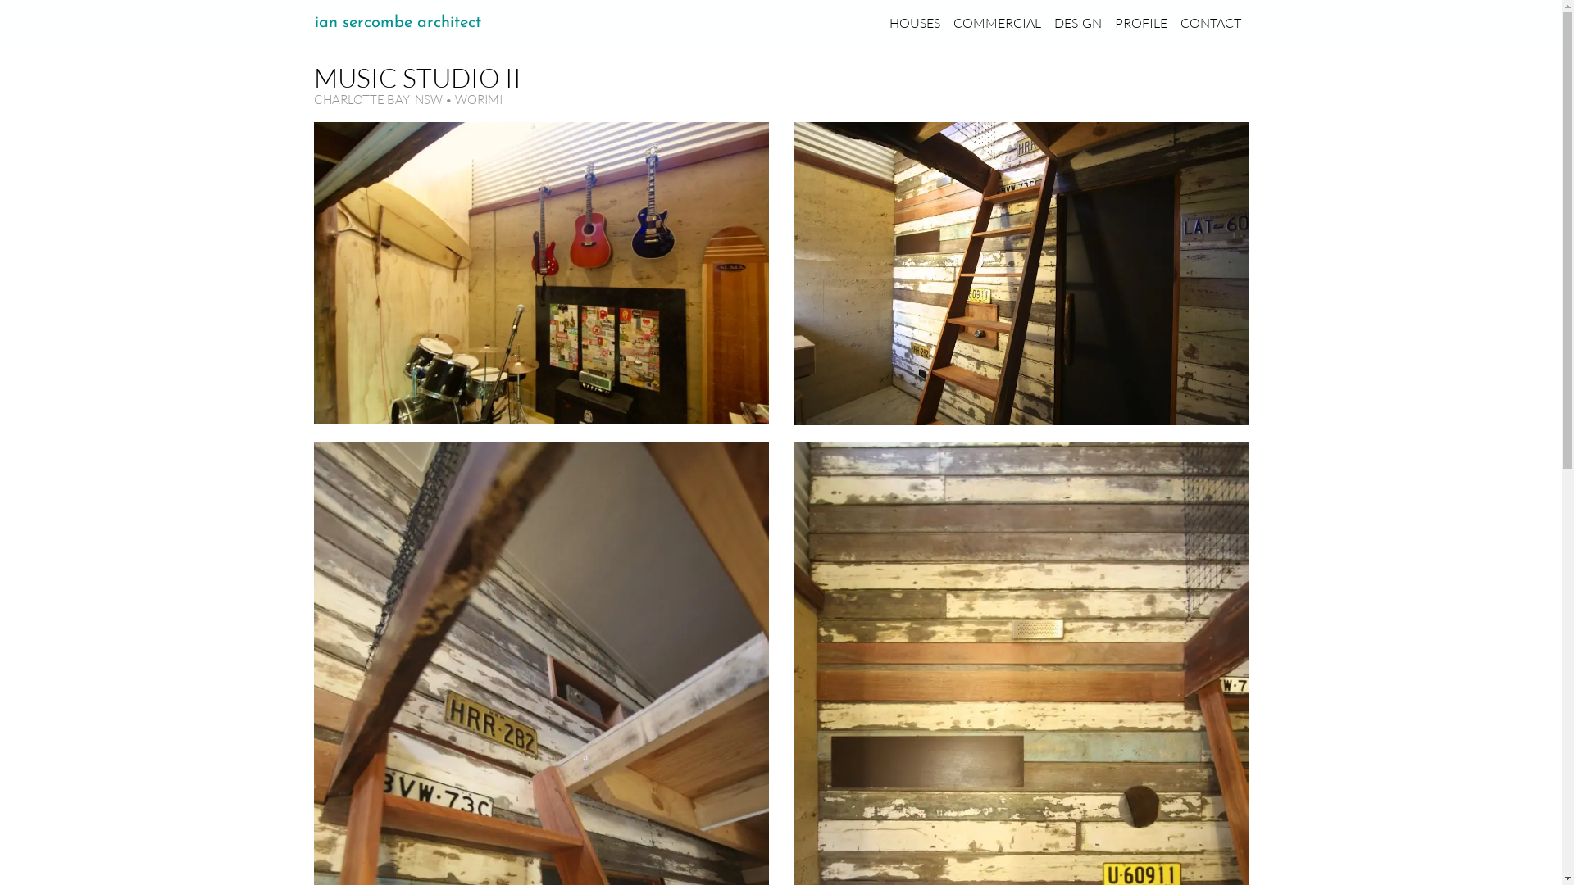 The width and height of the screenshot is (1574, 885). I want to click on 'DESIGN', so click(1078, 22).